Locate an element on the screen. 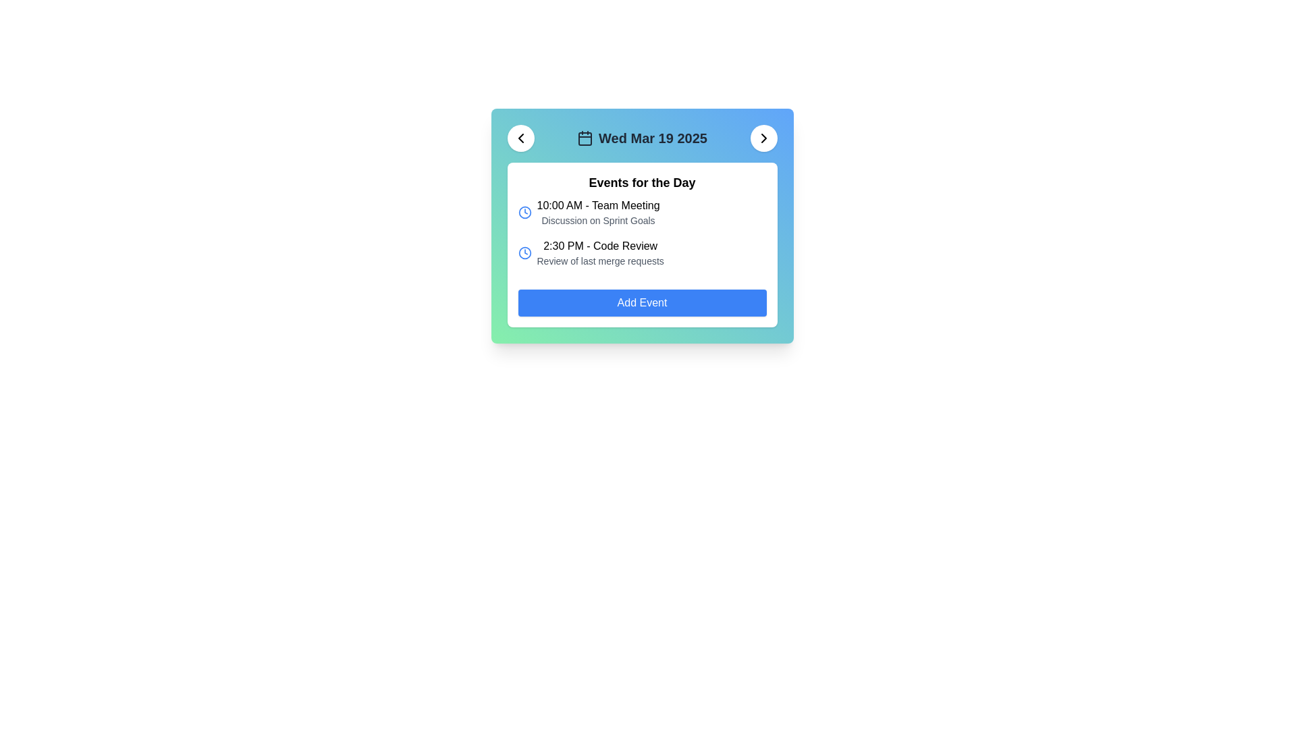 This screenshot has height=729, width=1296. the first list item displaying the time '10:00 AM' and the title 'Team Meeting' by moving the cursor to its center is located at coordinates (641, 213).